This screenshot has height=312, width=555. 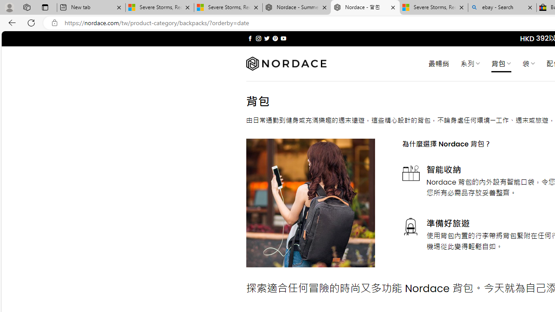 What do you see at coordinates (54, 23) in the screenshot?
I see `'View site information'` at bounding box center [54, 23].